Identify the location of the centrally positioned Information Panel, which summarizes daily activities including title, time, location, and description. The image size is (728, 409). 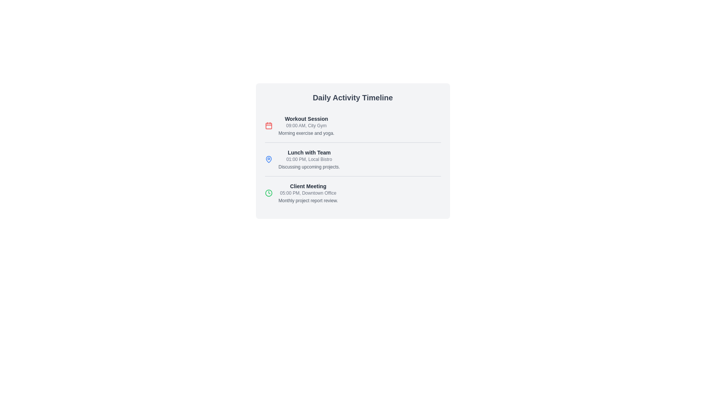
(352, 151).